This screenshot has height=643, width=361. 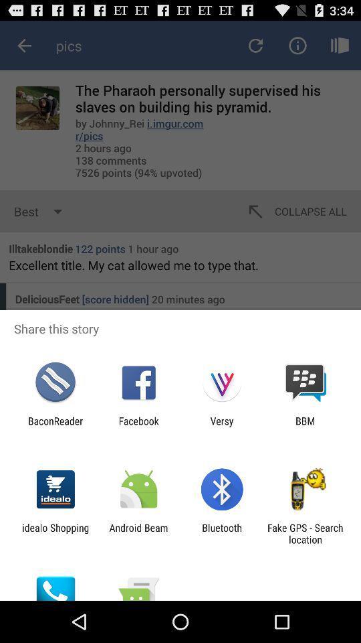 I want to click on the bluetooth icon, so click(x=222, y=533).